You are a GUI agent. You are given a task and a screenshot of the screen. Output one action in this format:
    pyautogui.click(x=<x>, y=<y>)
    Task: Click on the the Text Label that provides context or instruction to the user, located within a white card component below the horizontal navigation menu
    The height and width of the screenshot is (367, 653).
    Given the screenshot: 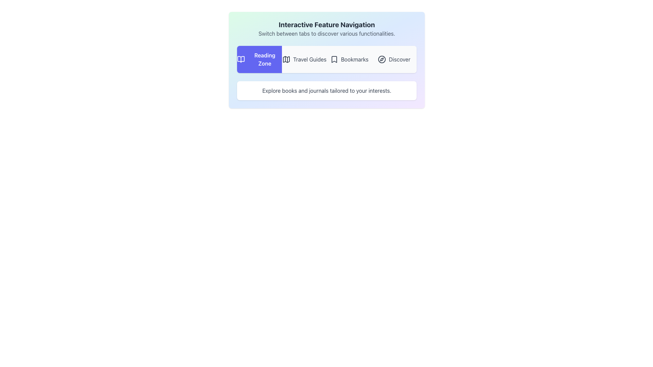 What is the action you would take?
    pyautogui.click(x=326, y=90)
    